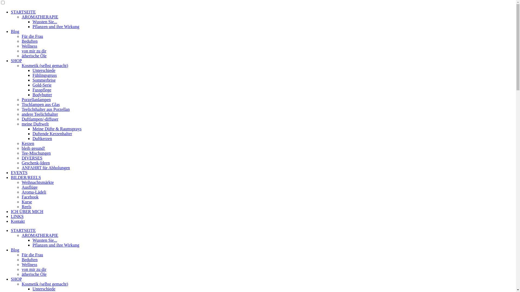  Describe the element at coordinates (27, 202) in the screenshot. I see `'Kurse'` at that location.